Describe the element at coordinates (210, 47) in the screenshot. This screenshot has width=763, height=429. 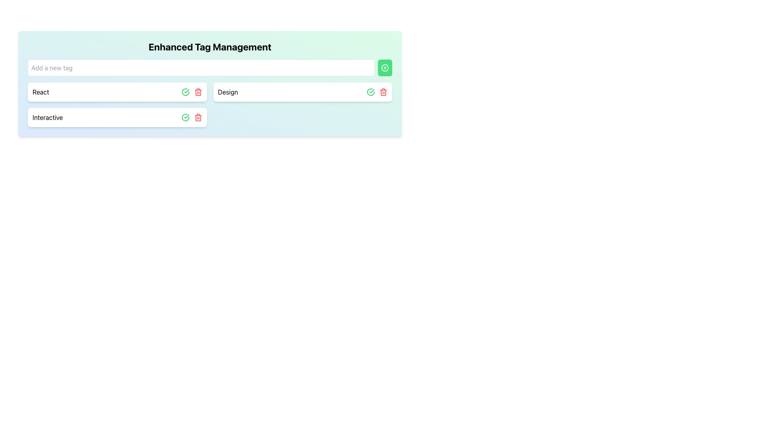
I see `the Header or Title element displaying 'Enhanced Tag Management', which is styled with a bold, large font and positioned at the top of the card with a gradient background` at that location.